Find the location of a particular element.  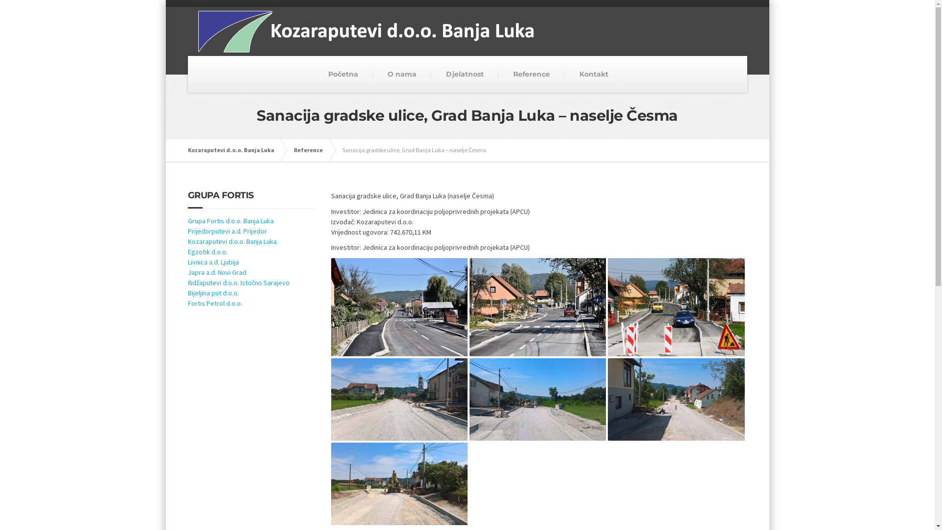

'Livnica a.d. Ljubija' is located at coordinates (212, 261).